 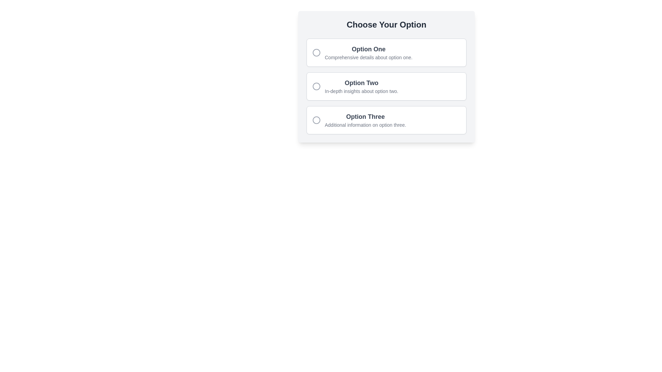 What do you see at coordinates (365, 116) in the screenshot?
I see `the Text label that serves as a title for the third option, positioned directly above the descriptive text 'Additional information on option three.'` at bounding box center [365, 116].